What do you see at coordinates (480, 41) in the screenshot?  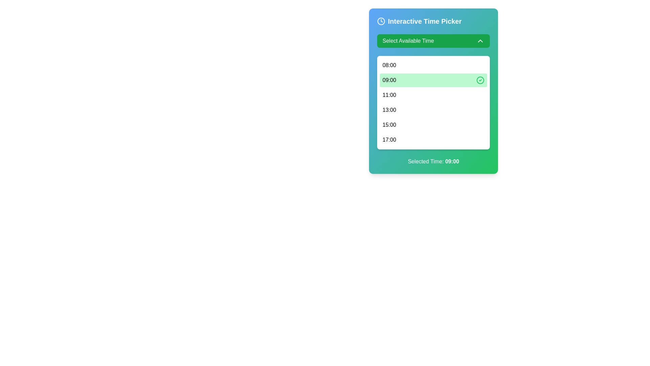 I see `the toggle icon located on the right side of the green 'Select Available Time' button` at bounding box center [480, 41].